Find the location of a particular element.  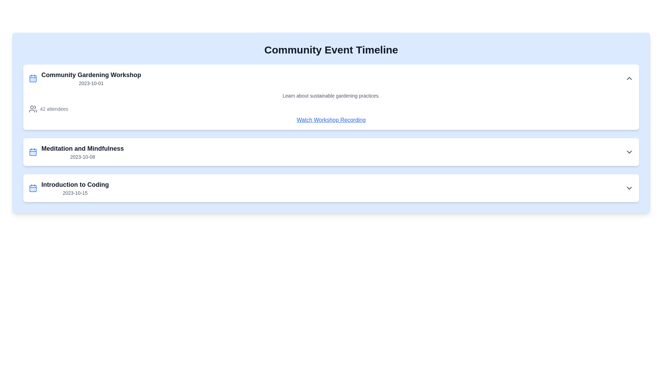

the informational card for the 'Meditation and Mindfulness' event, which is the second card in the 'Community Event Timeline' section is located at coordinates (331, 152).